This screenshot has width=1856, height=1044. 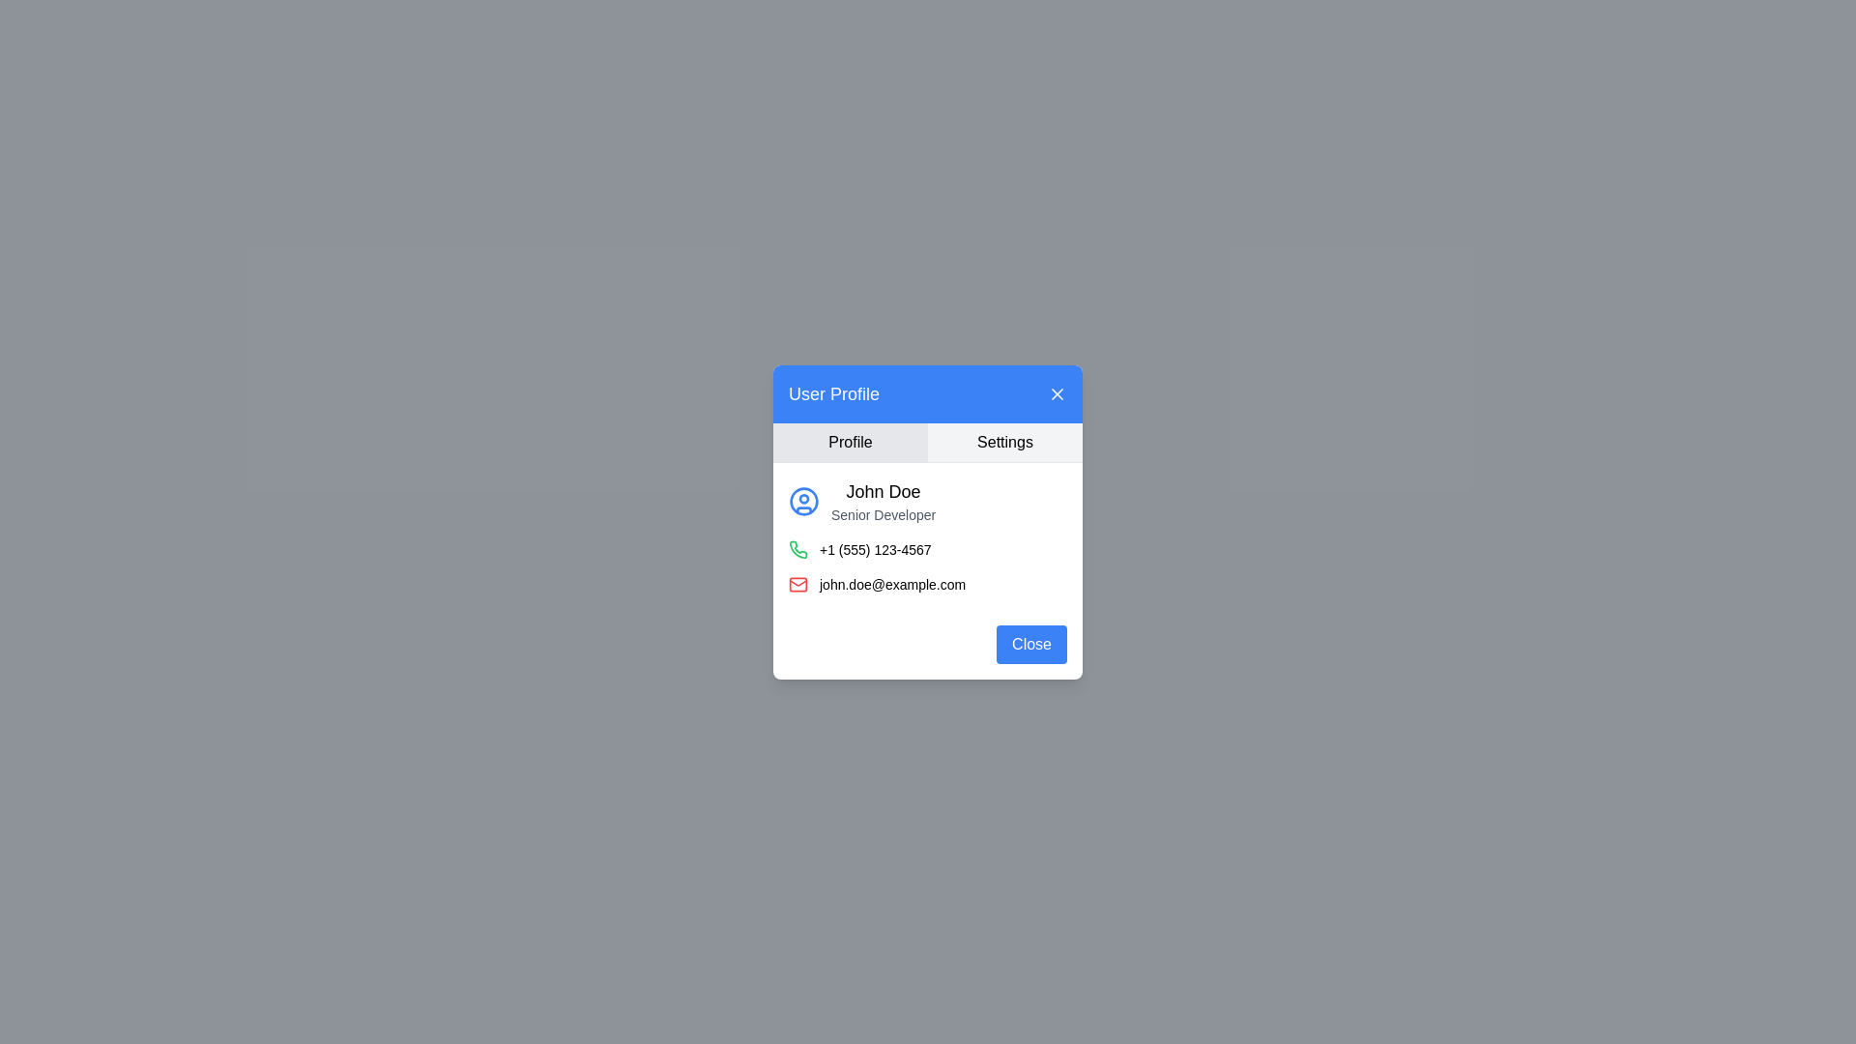 What do you see at coordinates (928, 548) in the screenshot?
I see `the telephone number displayed in the Contact Information Display, which is located beneath the 'Senior Developer' text in the User Profile section` at bounding box center [928, 548].